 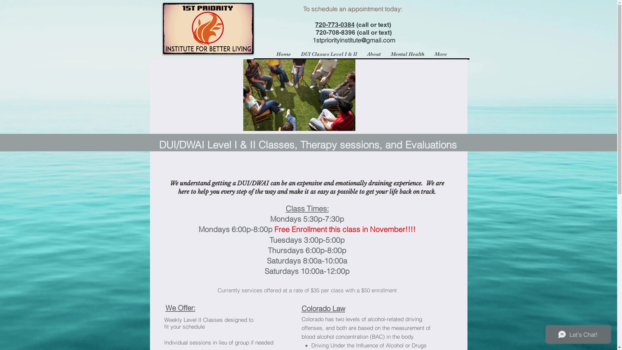 What do you see at coordinates (312, 40) in the screenshot?
I see `'1stpriorityinstitute@gmail.com'` at bounding box center [312, 40].